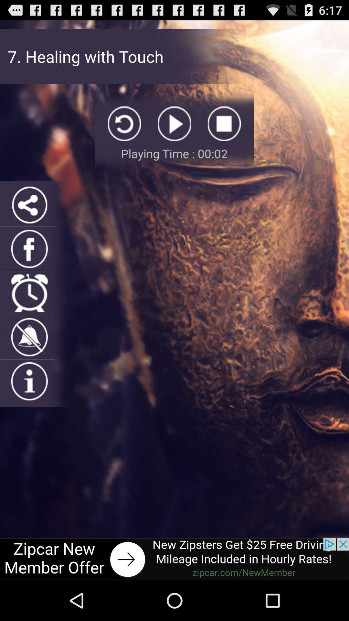 The image size is (349, 621). I want to click on mute sound, so click(29, 337).